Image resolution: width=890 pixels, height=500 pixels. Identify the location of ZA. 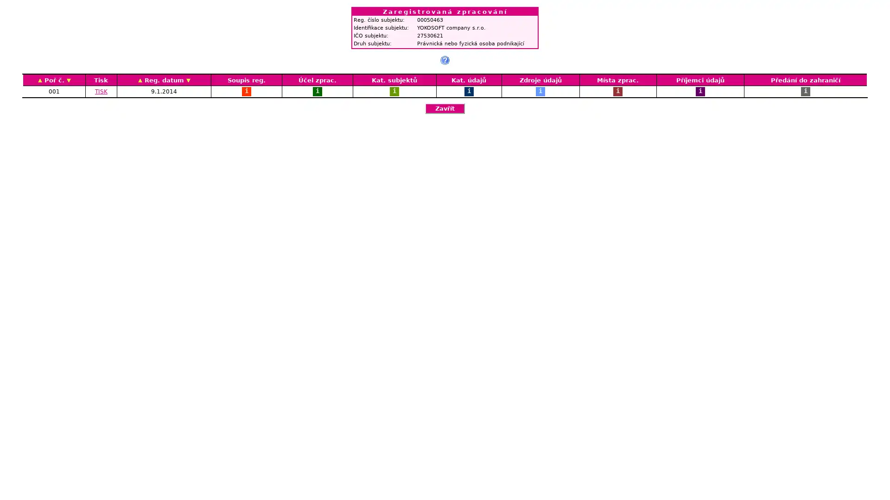
(187, 80).